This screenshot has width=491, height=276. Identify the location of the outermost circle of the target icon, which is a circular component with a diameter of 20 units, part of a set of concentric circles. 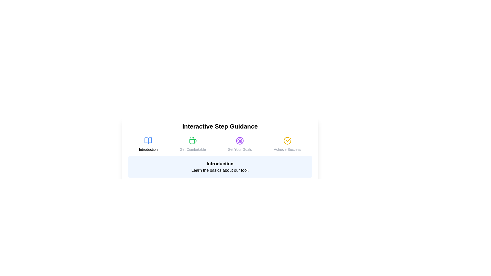
(240, 141).